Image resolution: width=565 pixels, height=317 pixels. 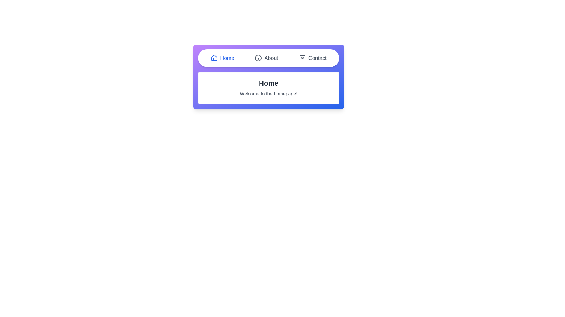 What do you see at coordinates (266, 58) in the screenshot?
I see `the About tab to switch content` at bounding box center [266, 58].